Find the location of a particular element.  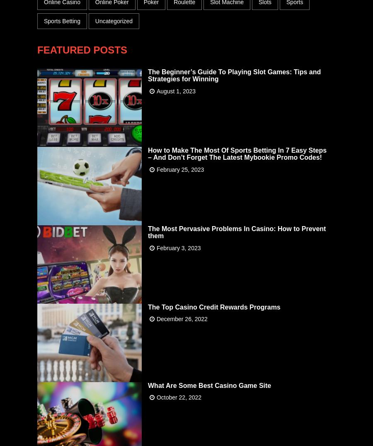

'Uncategorized' is located at coordinates (113, 20).